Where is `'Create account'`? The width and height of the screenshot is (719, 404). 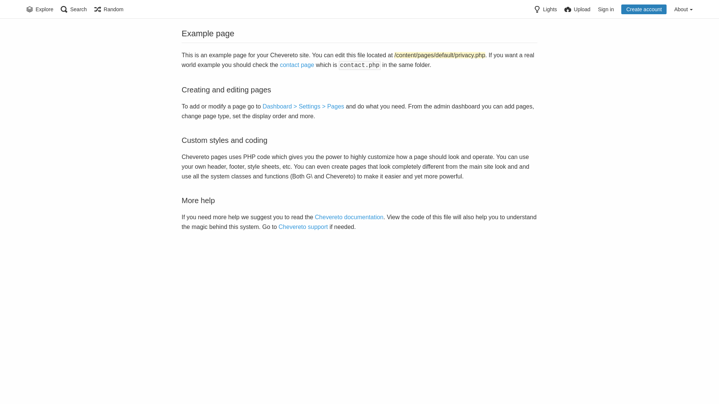 'Create account' is located at coordinates (621, 9).